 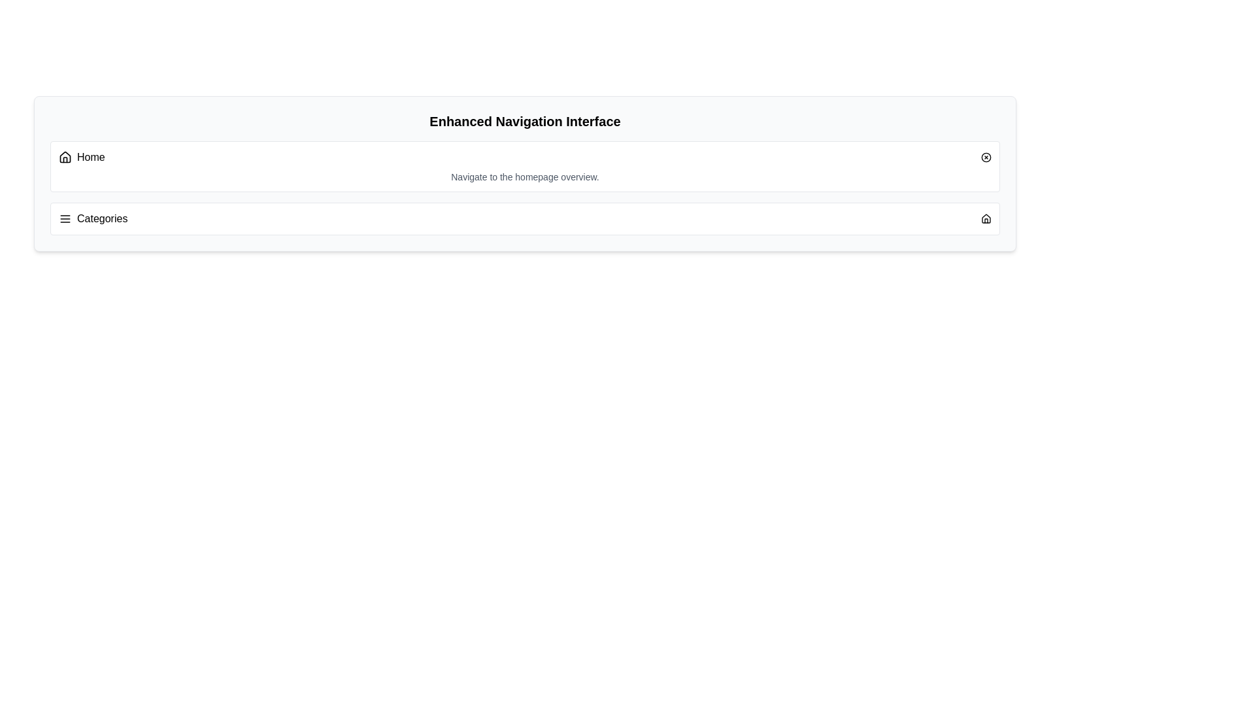 I want to click on the small house-shaped icon with a thin black stroke located immediately before the text 'Home' in the horizontal navigation row, so click(x=65, y=156).